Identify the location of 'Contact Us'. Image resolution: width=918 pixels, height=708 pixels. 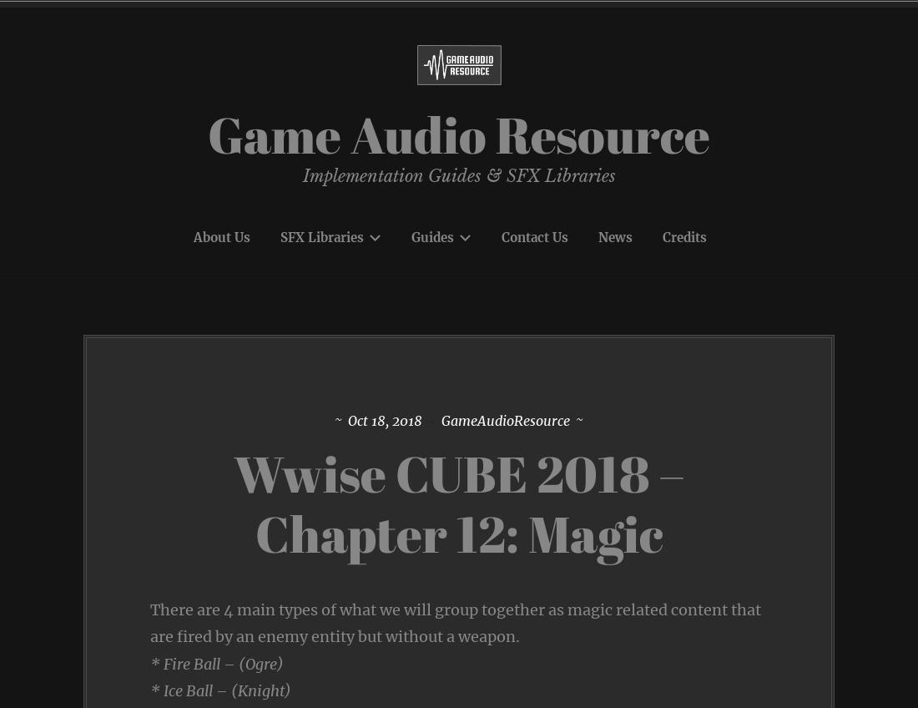
(534, 236).